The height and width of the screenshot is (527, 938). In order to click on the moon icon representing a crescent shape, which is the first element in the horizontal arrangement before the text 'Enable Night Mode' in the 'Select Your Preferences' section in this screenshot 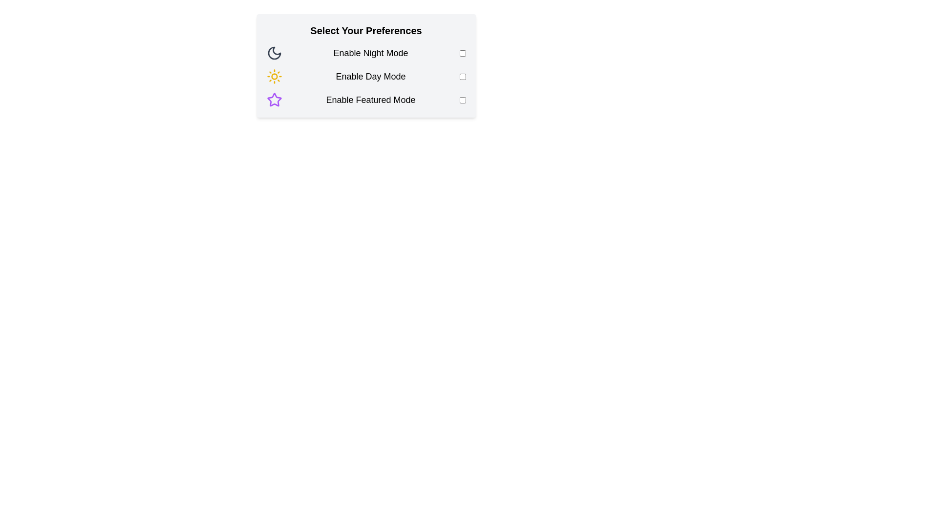, I will do `click(274, 53)`.